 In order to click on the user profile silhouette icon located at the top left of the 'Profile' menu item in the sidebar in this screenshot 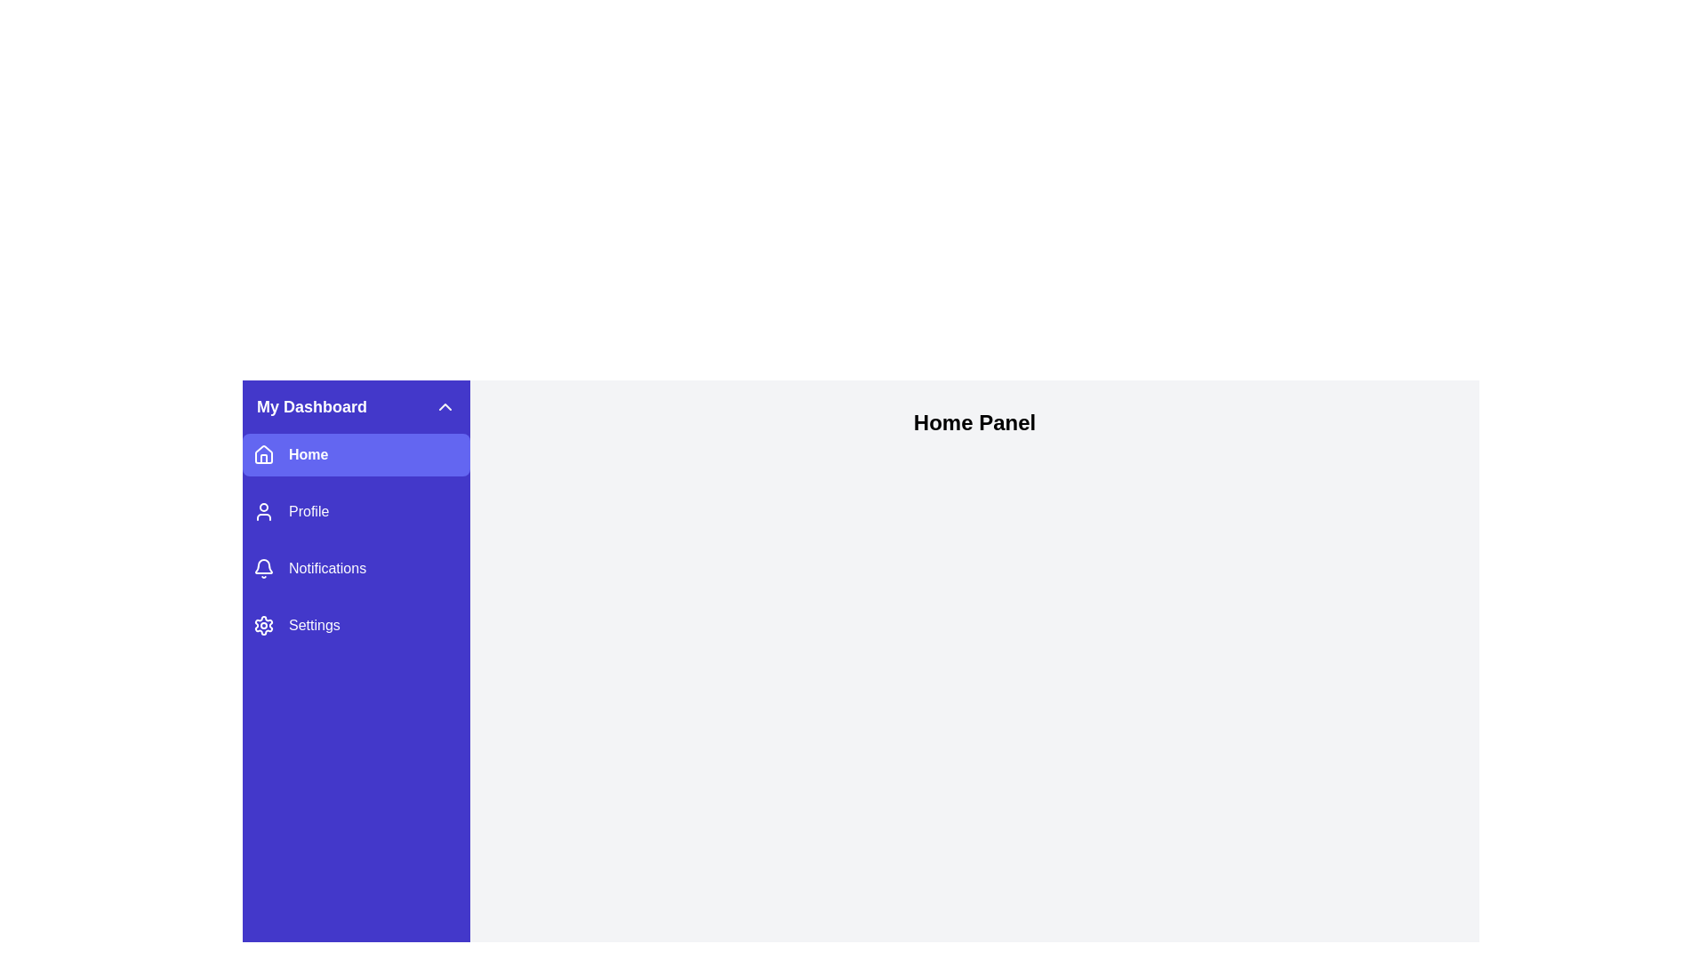, I will do `click(263, 511)`.